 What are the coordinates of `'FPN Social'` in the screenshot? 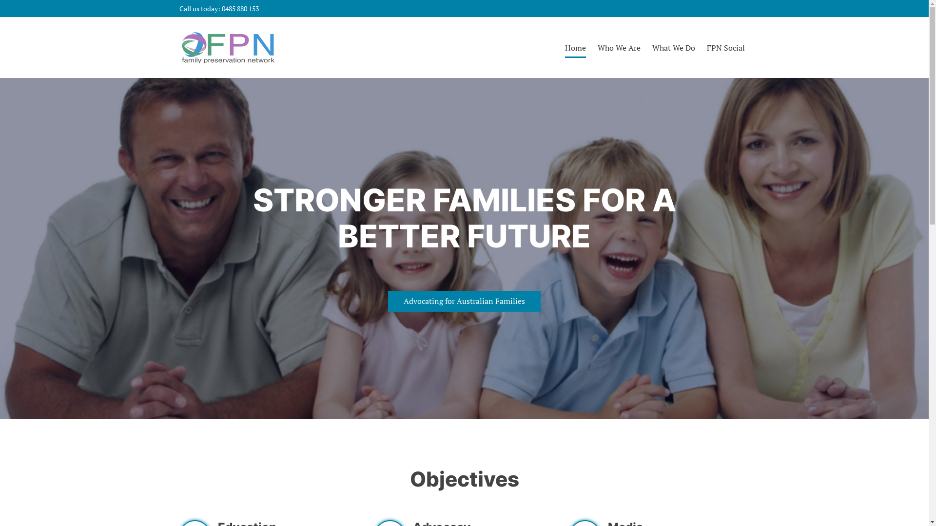 It's located at (725, 47).